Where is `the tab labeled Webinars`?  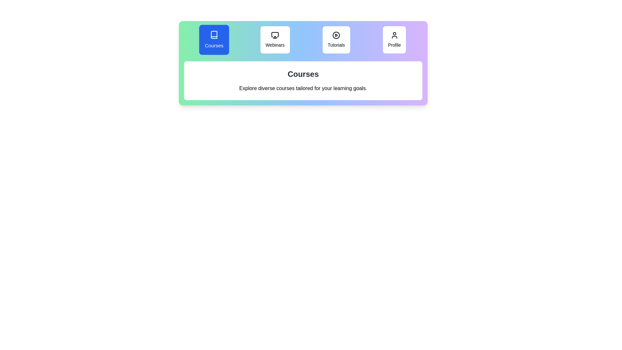 the tab labeled Webinars is located at coordinates (275, 40).